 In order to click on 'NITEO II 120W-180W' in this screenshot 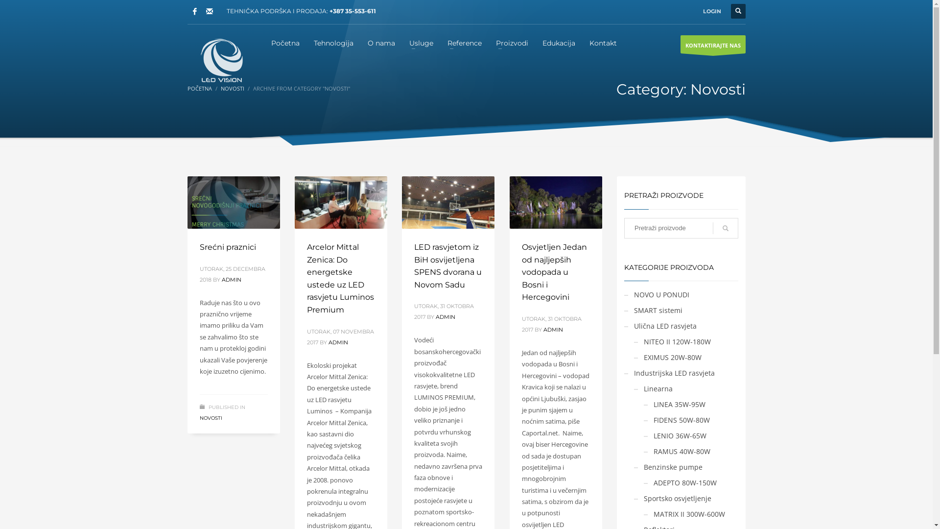, I will do `click(672, 341)`.